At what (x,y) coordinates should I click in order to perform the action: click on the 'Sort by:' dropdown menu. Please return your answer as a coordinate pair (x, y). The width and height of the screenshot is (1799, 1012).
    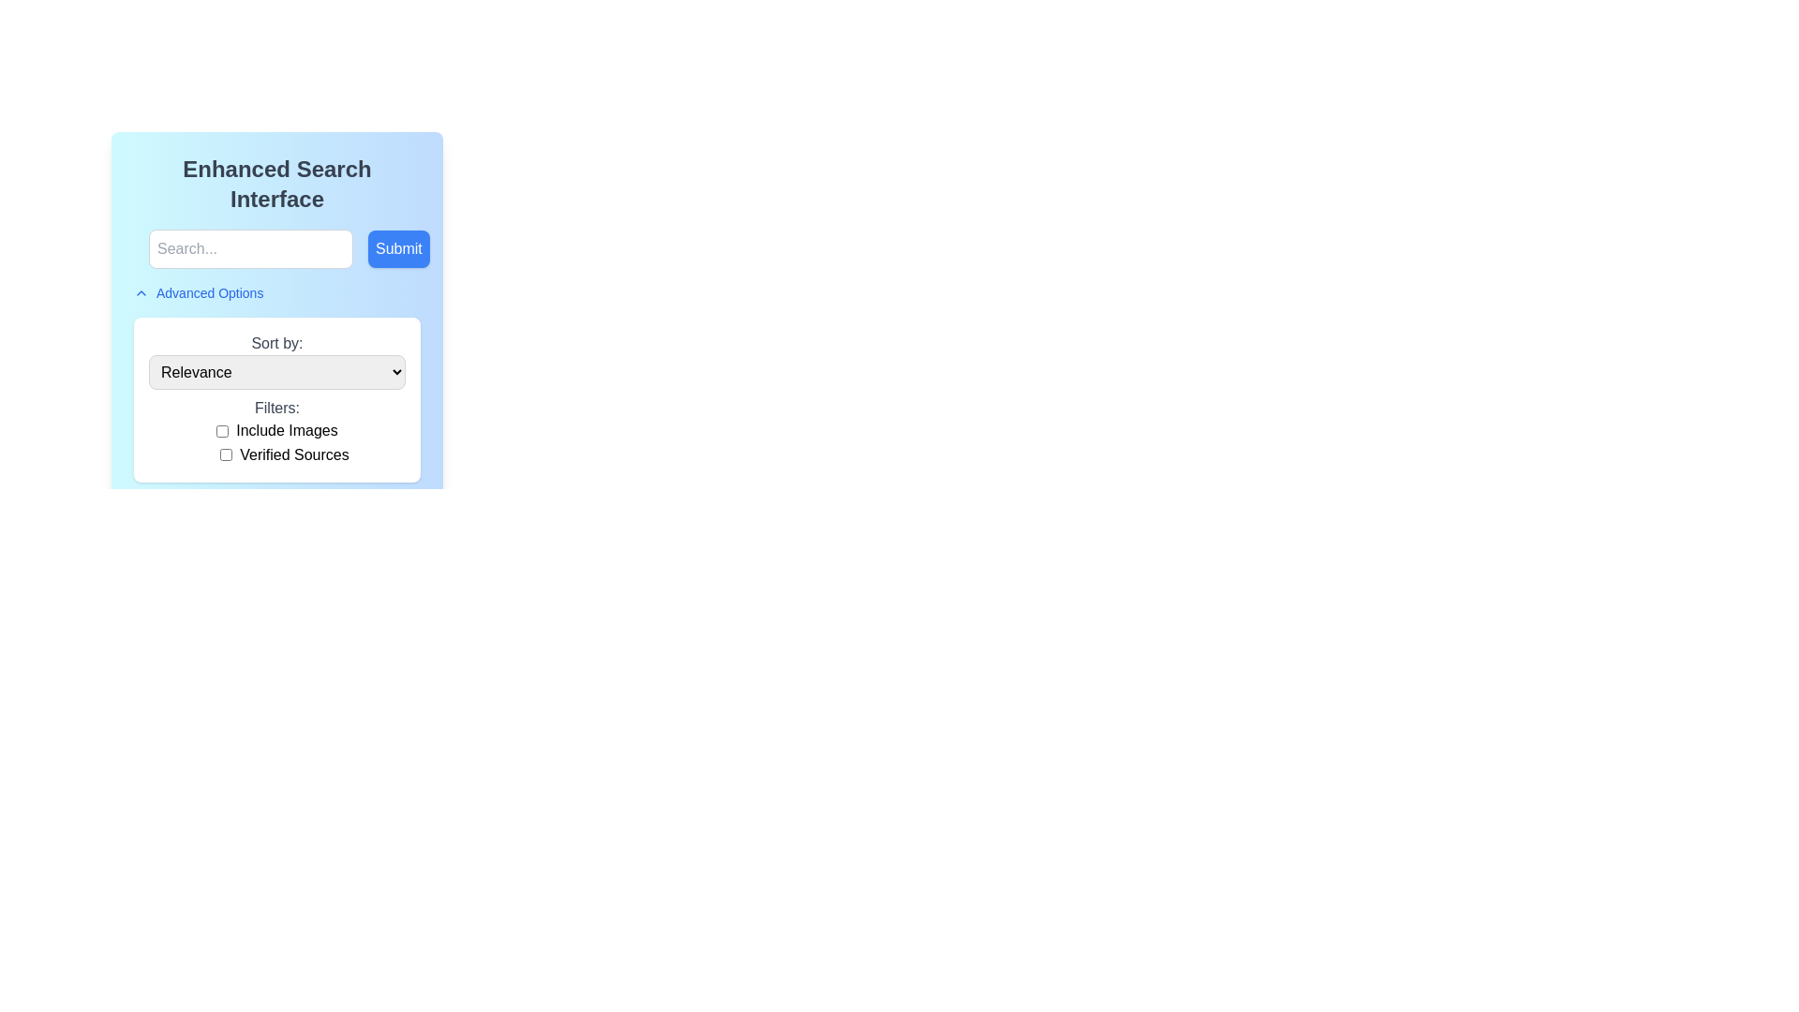
    Looking at the image, I should click on (276, 361).